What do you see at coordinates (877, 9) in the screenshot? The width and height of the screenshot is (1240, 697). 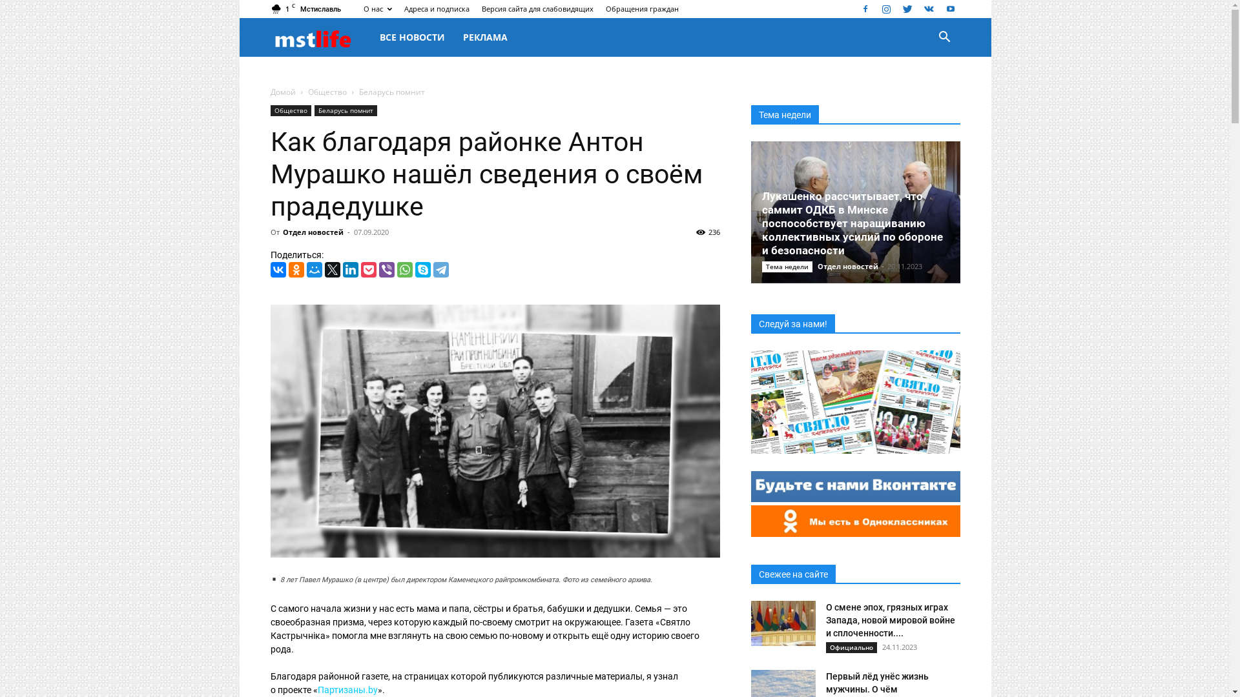 I see `'Instagram'` at bounding box center [877, 9].